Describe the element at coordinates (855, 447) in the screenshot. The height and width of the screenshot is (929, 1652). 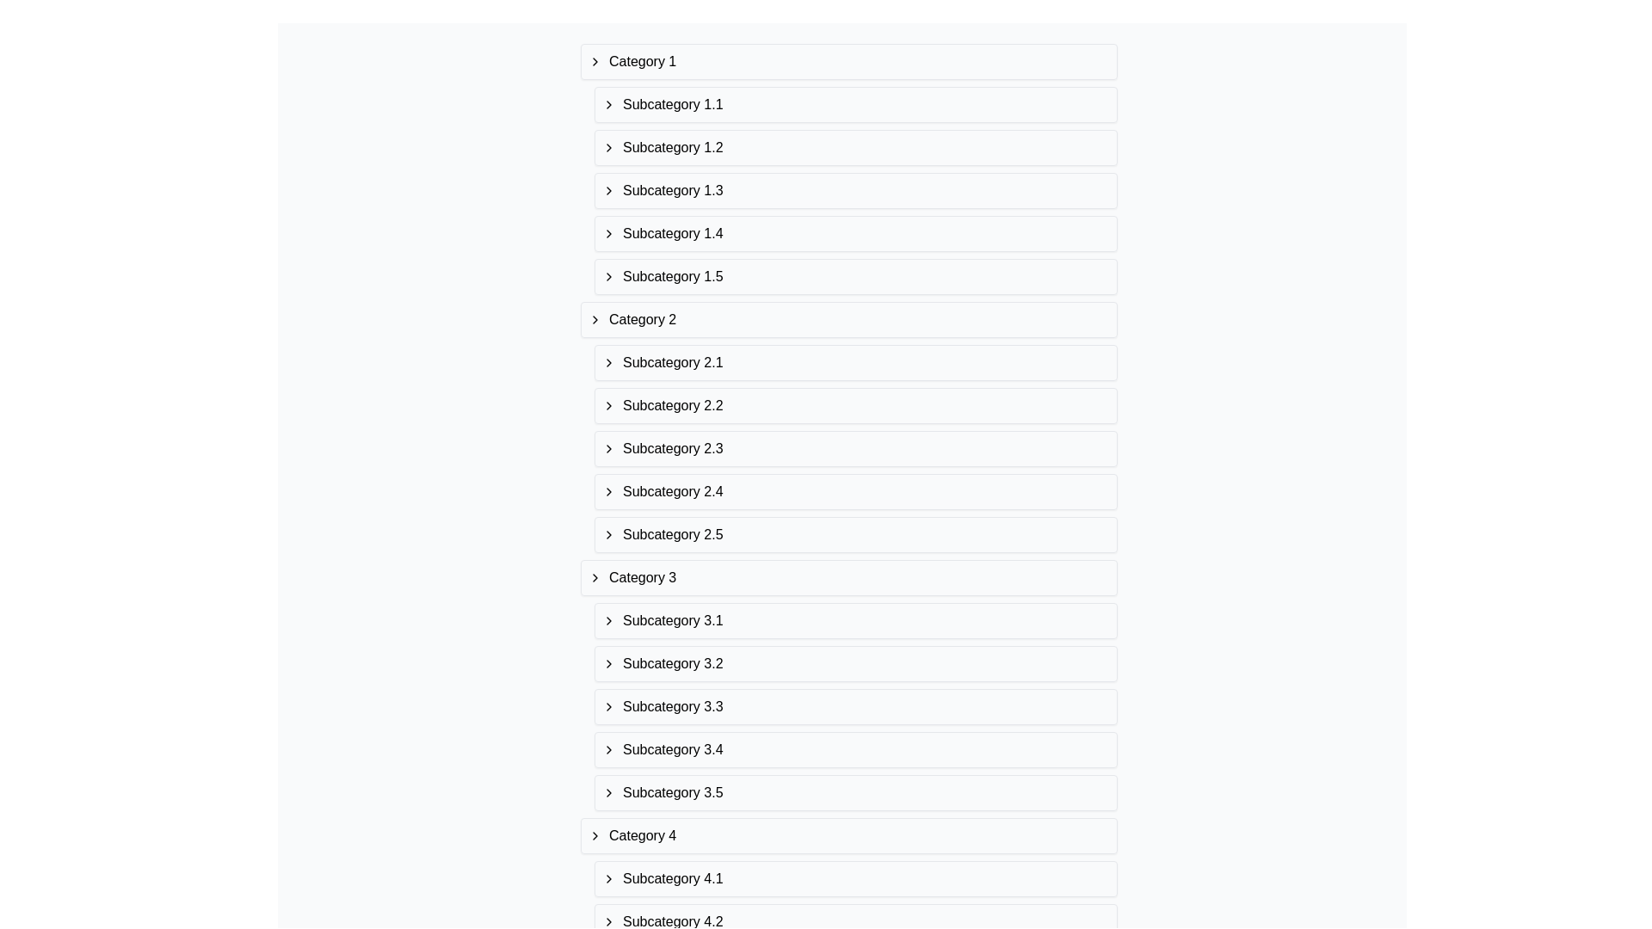
I see `the list item labeled 'Subcategory 2.3', which is the third entry under 'Category 2' in the subcategories section` at that location.